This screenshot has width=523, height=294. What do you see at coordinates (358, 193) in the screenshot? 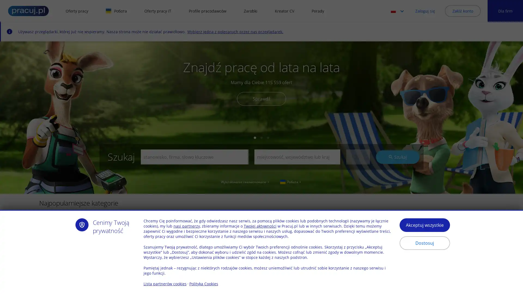
I see `+ 15 km` at bounding box center [358, 193].